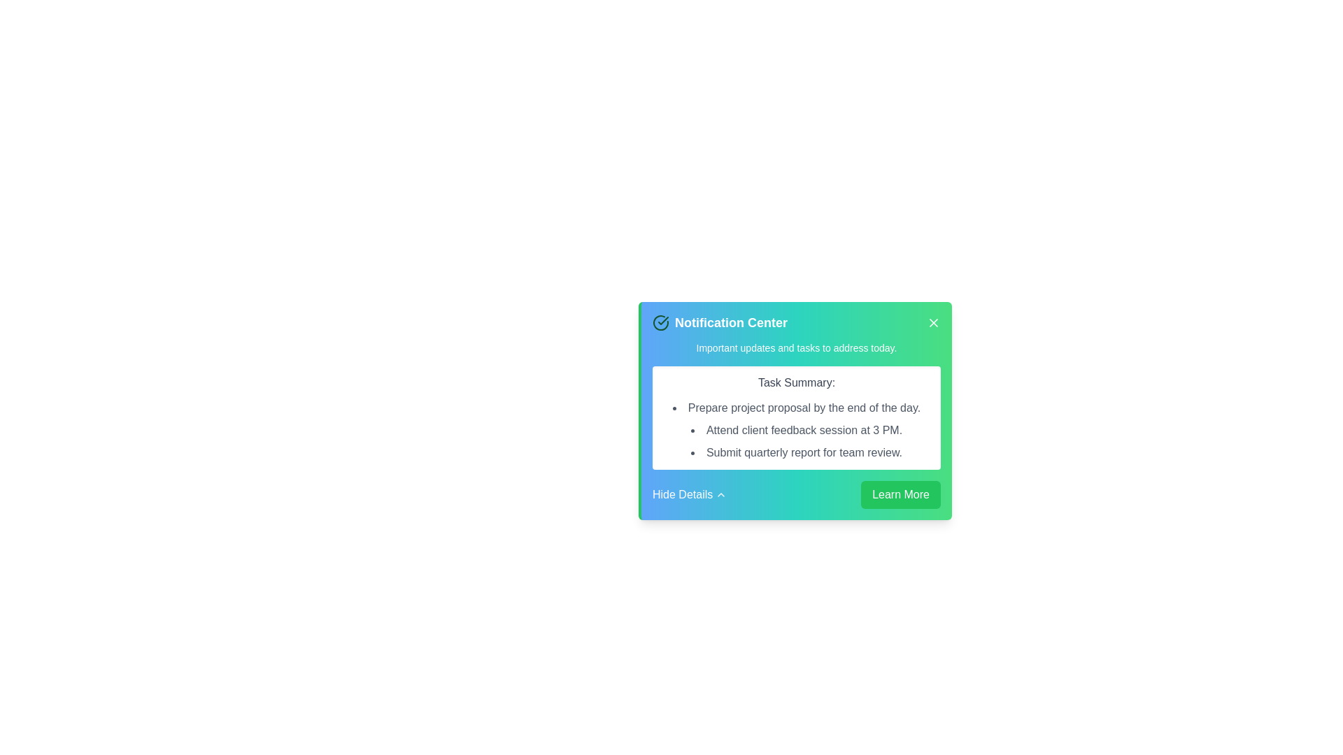  I want to click on the second task item in the notification center, which reminds the user about attending a client feedback session, so click(796, 430).